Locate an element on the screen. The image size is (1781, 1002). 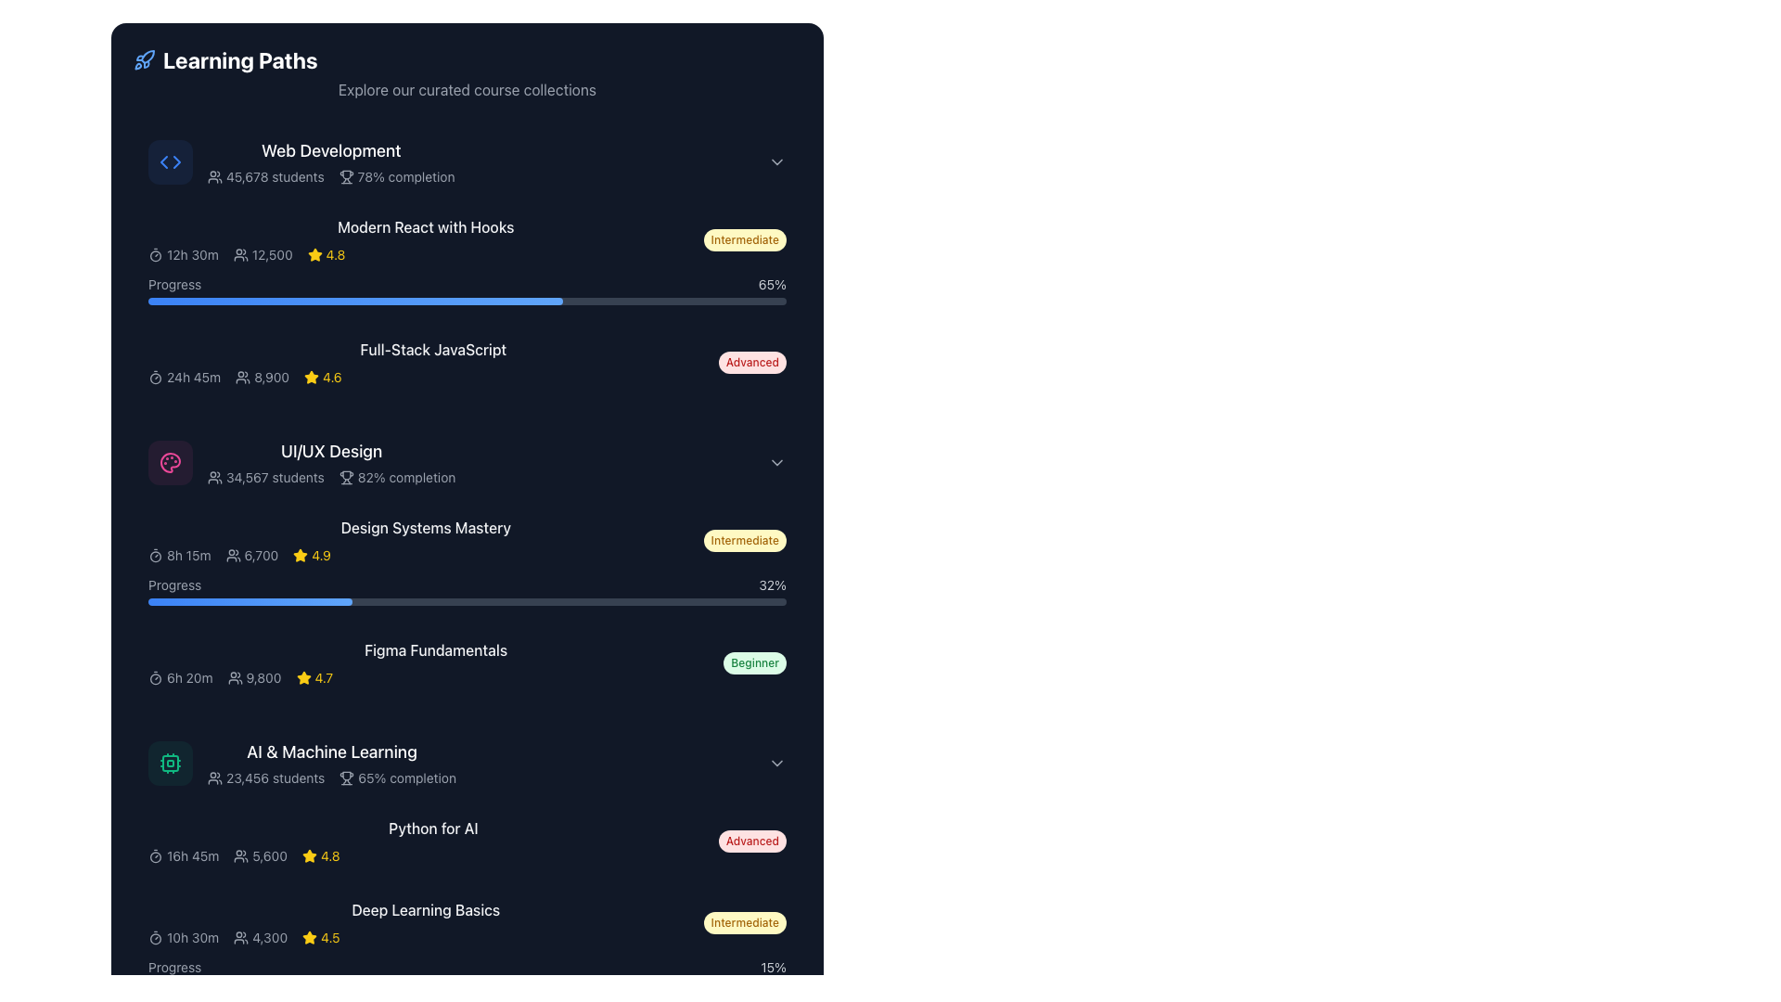
the trophy icon's cup section, which is part of the Web Development section under the Learning Paths header is located at coordinates (346, 174).